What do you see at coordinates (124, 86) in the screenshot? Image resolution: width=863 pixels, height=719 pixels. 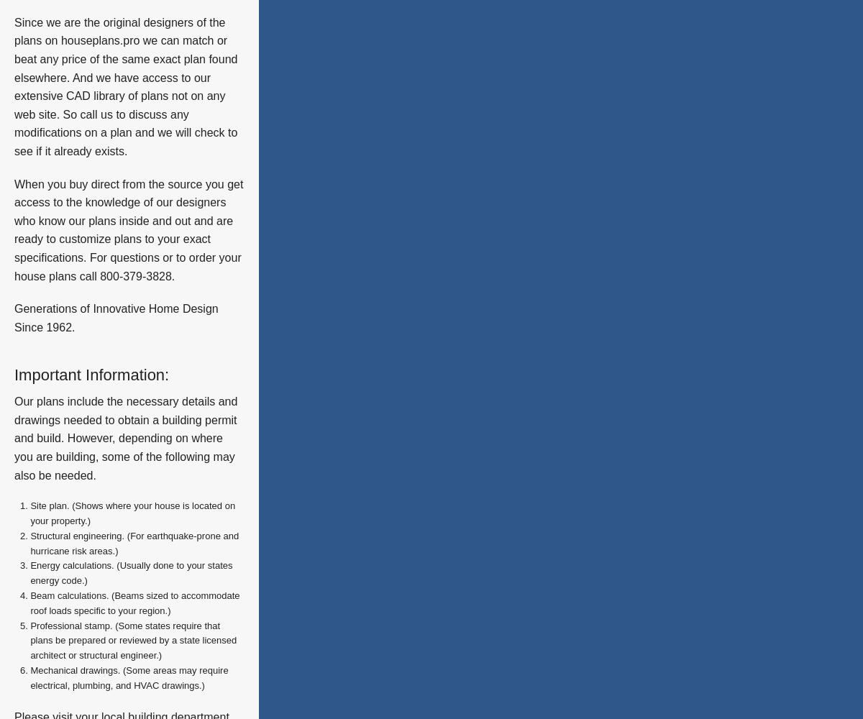 I see `'Since we are the original designers of the plans on houseplans.pro we can match or beat any price of the same exact plan found elsewhere. And we have access to our extensive CAD library of plans not on any web site. So call us to discuss any modifications on a plan and we will check to see if it already exists.'` at bounding box center [124, 86].